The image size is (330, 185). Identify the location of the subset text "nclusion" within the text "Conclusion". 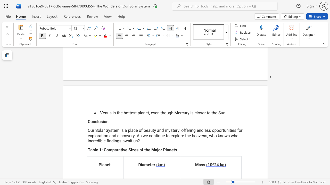
(93, 122).